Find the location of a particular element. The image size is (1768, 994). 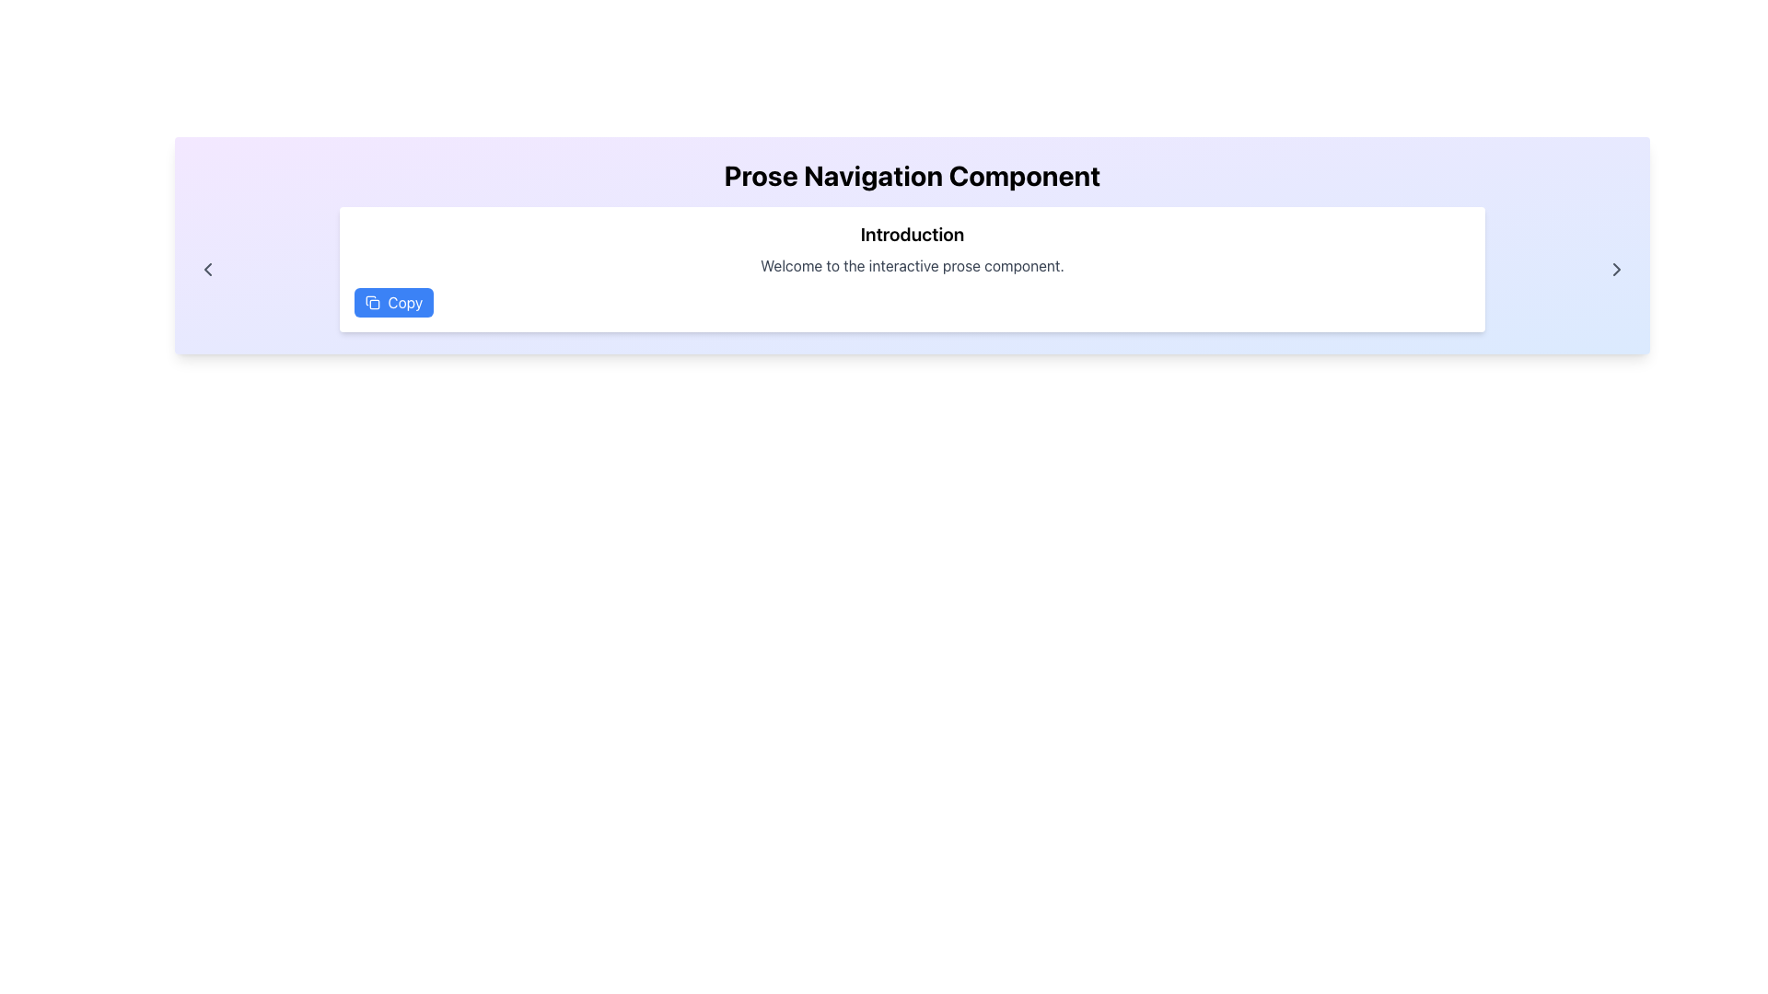

the blue rounded rectangle button labeled 'Copy' with a clipboard icon to copy content is located at coordinates (392, 301).